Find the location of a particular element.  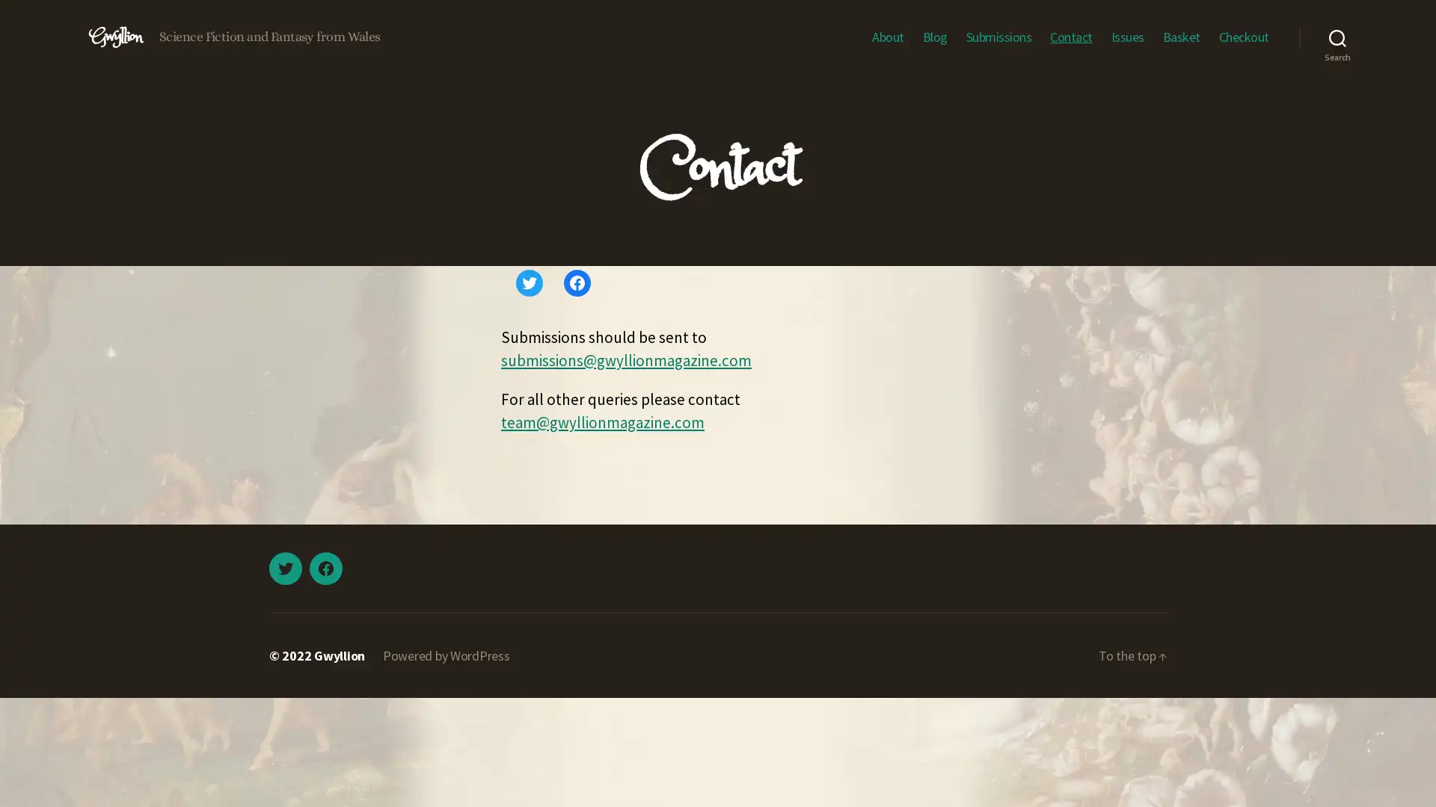

Search is located at coordinates (1337, 37).